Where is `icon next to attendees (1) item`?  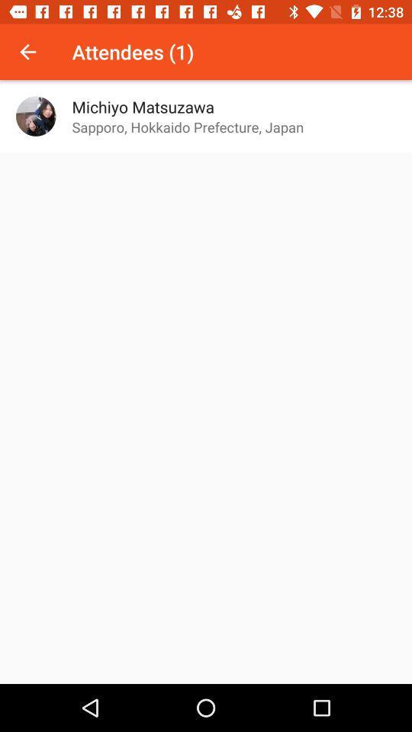 icon next to attendees (1) item is located at coordinates (27, 52).